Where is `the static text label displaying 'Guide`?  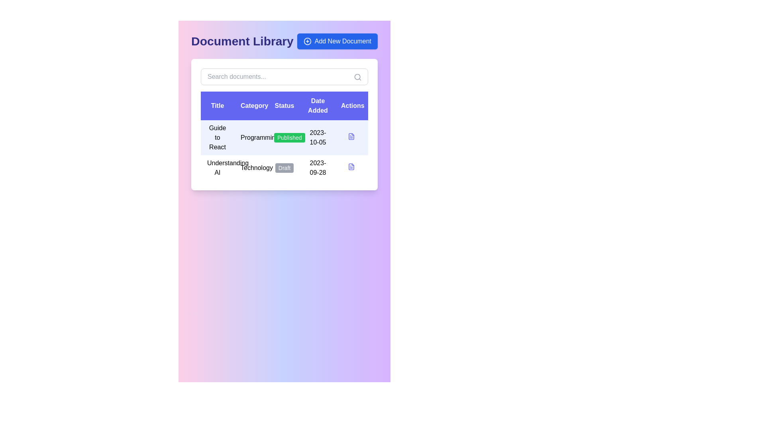 the static text label displaying 'Guide is located at coordinates (218, 137).